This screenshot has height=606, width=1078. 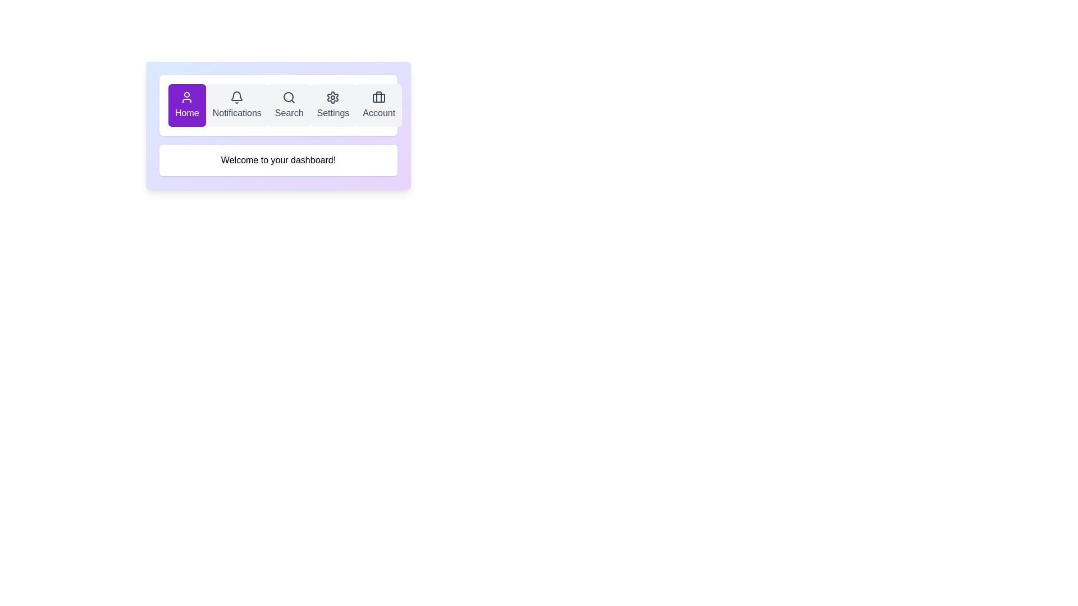 What do you see at coordinates (236, 105) in the screenshot?
I see `the notifications button, which is the second button in the horizontal navigation bar, positioned between the 'Home' button and the 'Search' button` at bounding box center [236, 105].